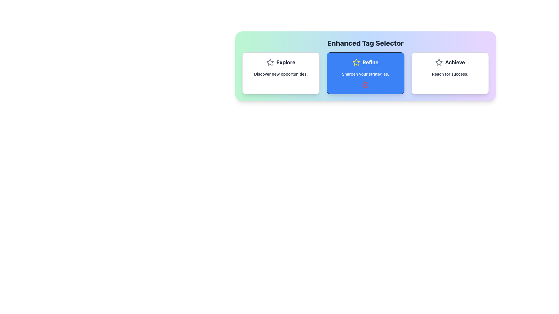 The height and width of the screenshot is (314, 559). What do you see at coordinates (370, 63) in the screenshot?
I see `the Text Label that describes the center button in the Enhanced Tag Selector, which is accompanied by a yellow star icon` at bounding box center [370, 63].